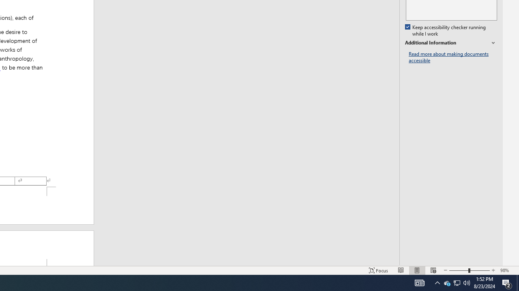 Image resolution: width=519 pixels, height=291 pixels. What do you see at coordinates (453, 57) in the screenshot?
I see `'Read more about making documents accessible'` at bounding box center [453, 57].